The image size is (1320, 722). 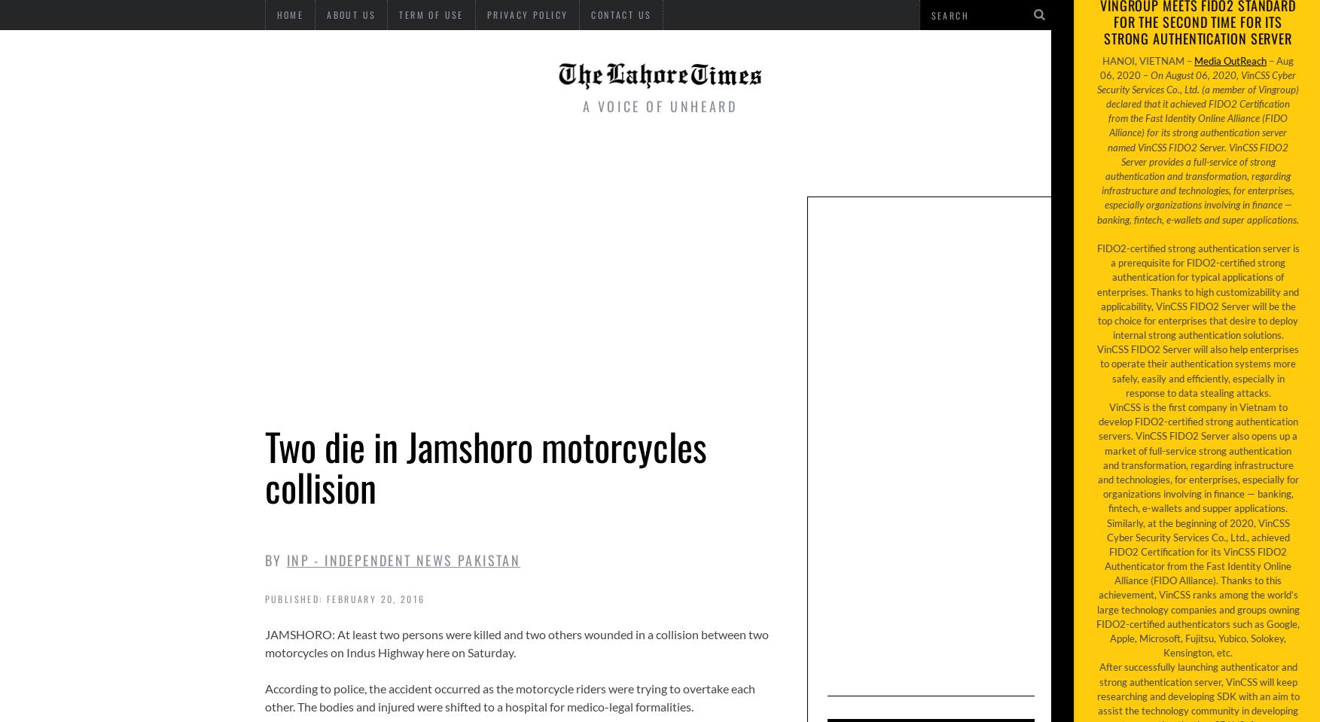 What do you see at coordinates (620, 14) in the screenshot?
I see `'Contact Us'` at bounding box center [620, 14].